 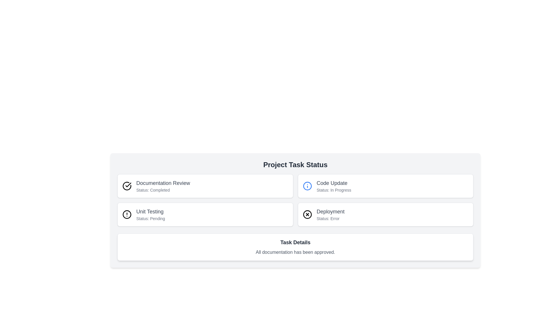 What do you see at coordinates (307, 186) in the screenshot?
I see `the circular blue outline icon with an 'i' symbol located` at bounding box center [307, 186].